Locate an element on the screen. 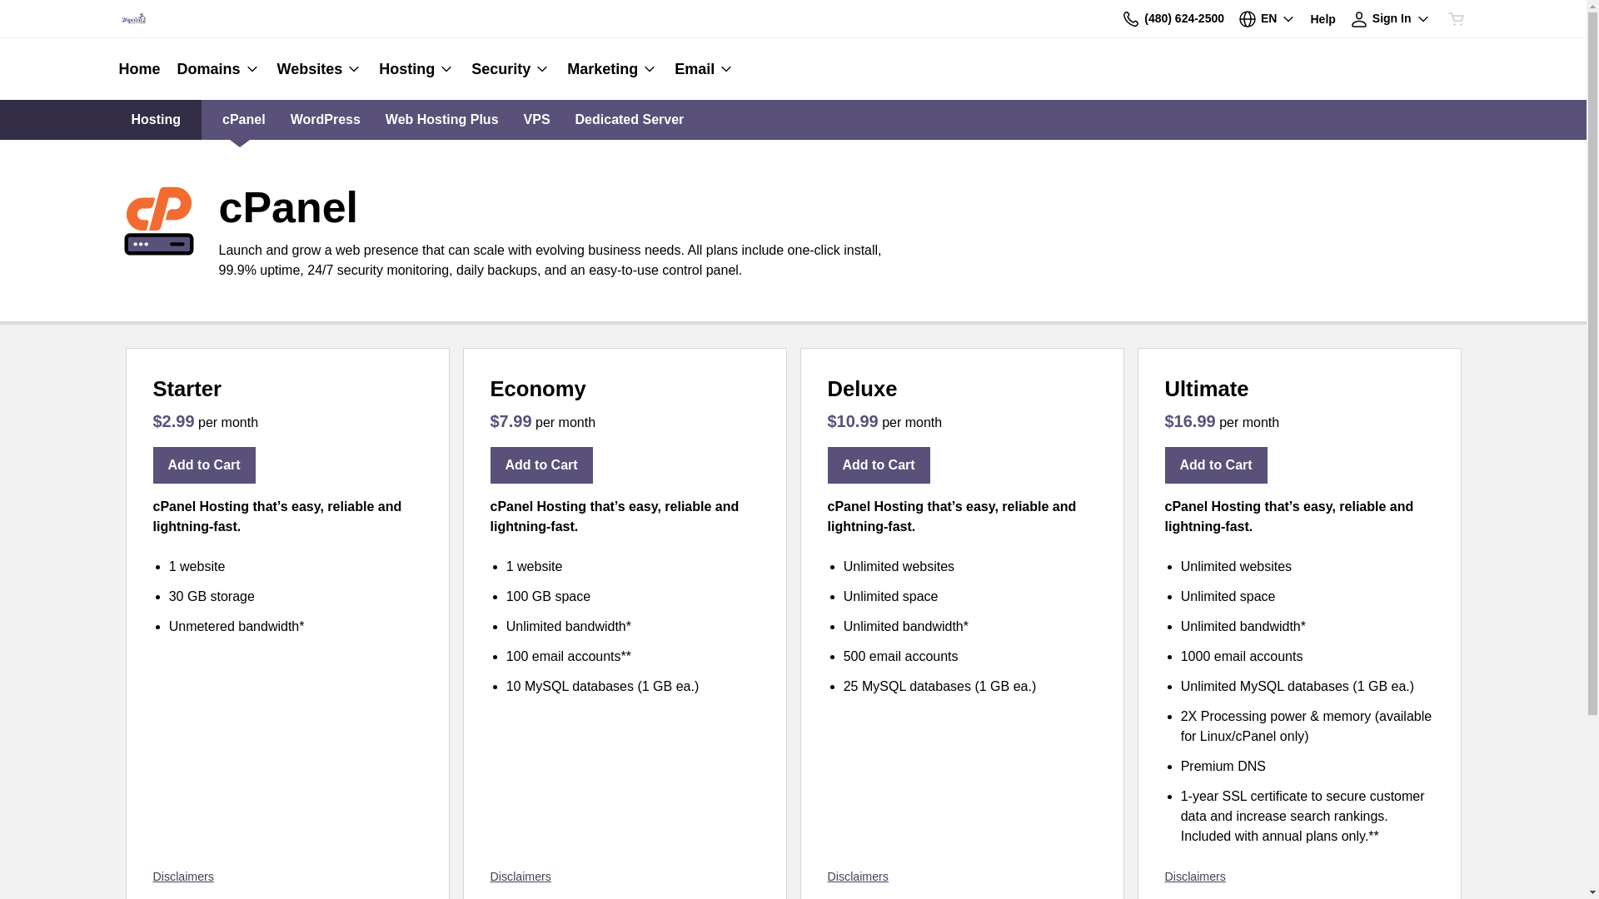 The image size is (1599, 899). '(480) 624-2500' is located at coordinates (1171, 18).